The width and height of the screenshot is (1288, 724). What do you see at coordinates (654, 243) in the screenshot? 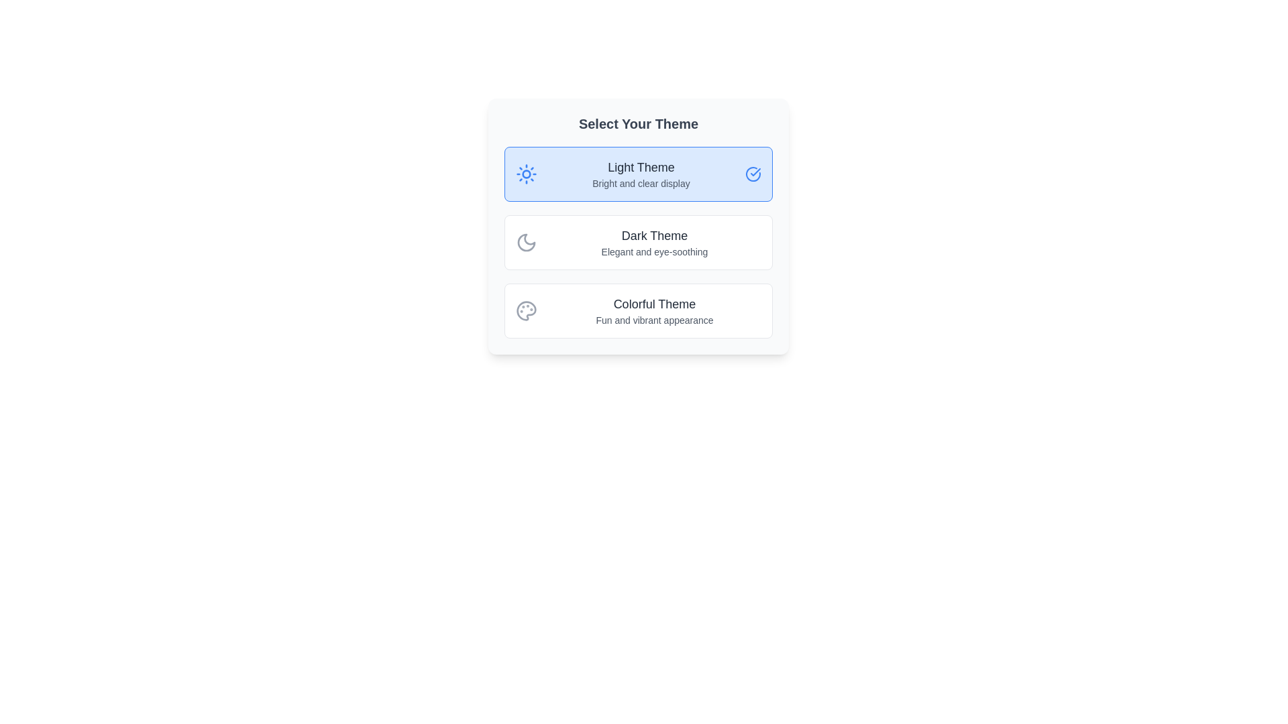
I see `the 'Dark Theme' text block, which consists of a larger, bold heading and a smaller, lighter subheading` at bounding box center [654, 243].